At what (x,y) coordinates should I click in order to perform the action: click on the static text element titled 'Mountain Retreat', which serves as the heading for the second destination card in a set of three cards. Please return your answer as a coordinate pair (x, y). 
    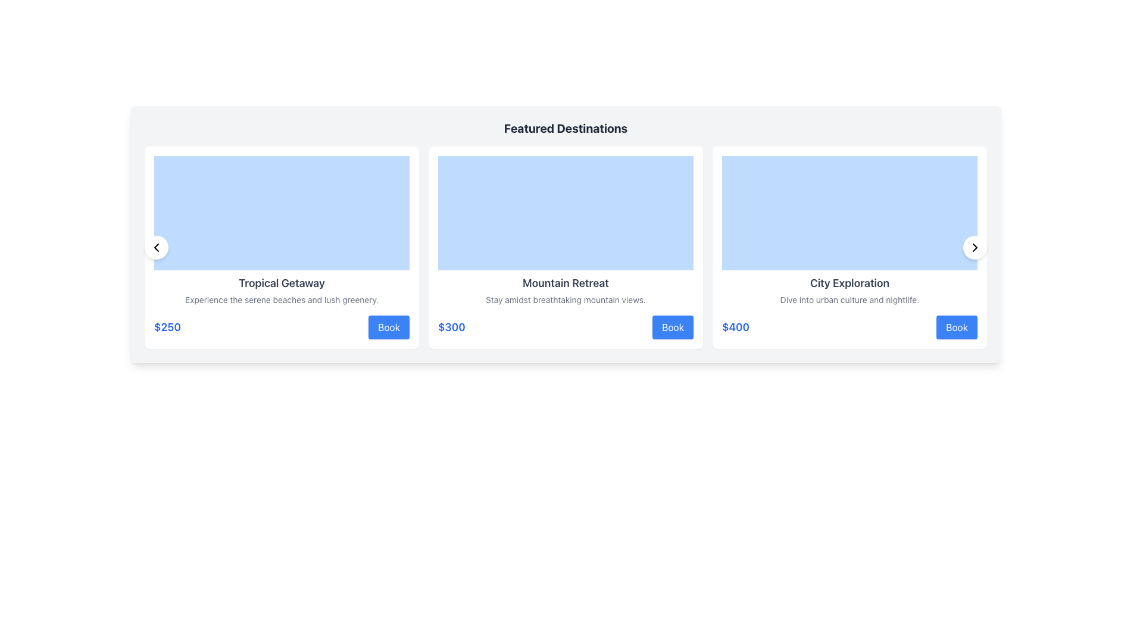
    Looking at the image, I should click on (565, 283).